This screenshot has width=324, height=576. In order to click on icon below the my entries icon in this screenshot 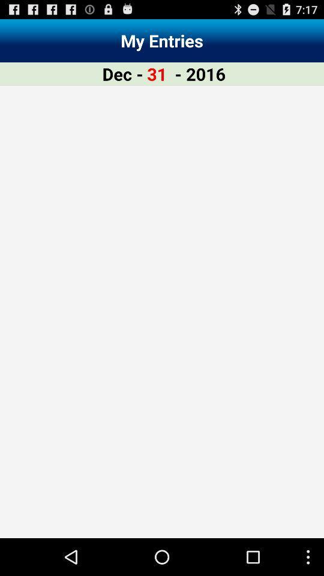, I will do `click(200, 73)`.